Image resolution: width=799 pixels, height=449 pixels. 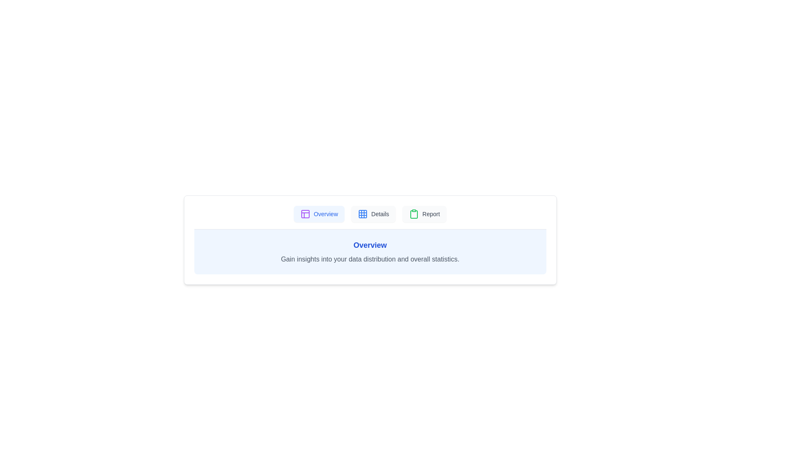 What do you see at coordinates (424, 214) in the screenshot?
I see `the tab labeled Report to switch to that tab` at bounding box center [424, 214].